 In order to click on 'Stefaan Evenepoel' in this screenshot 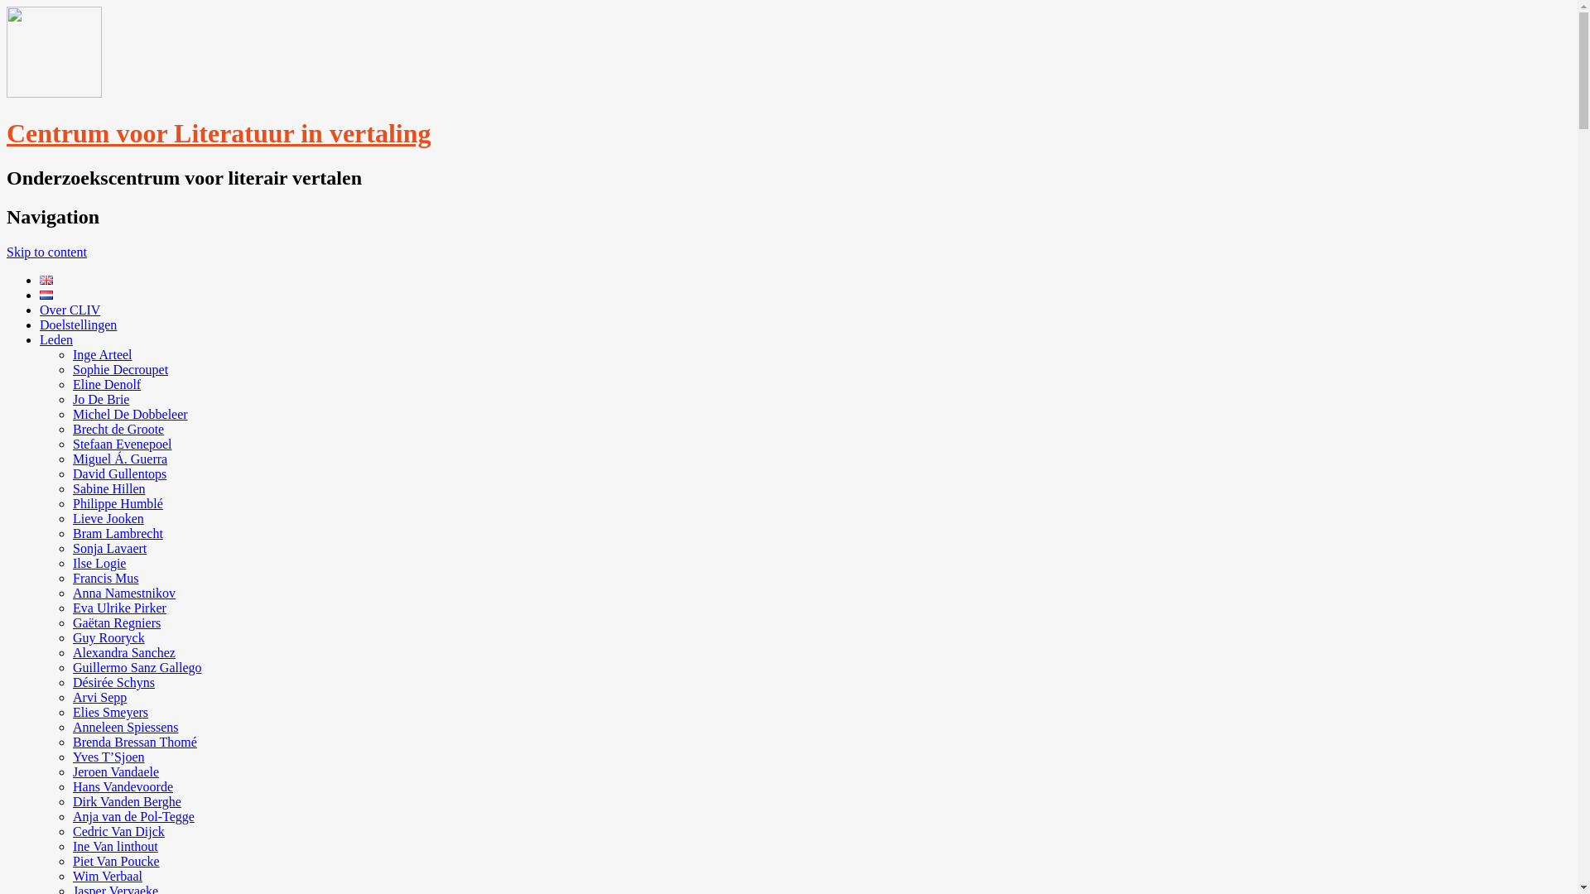, I will do `click(71, 443)`.